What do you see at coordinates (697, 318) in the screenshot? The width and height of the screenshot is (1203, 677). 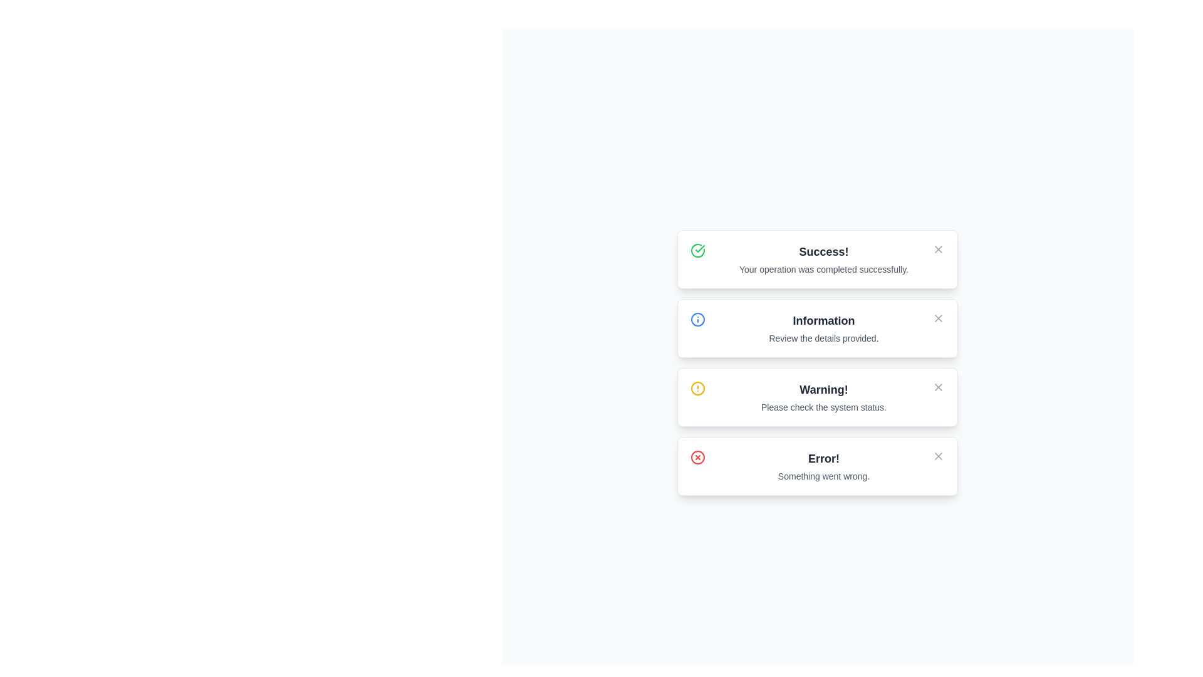 I see `the blue circular icon in the second notification row, which is associated with the 'Information' label and the text 'Review the details provided.'` at bounding box center [697, 318].